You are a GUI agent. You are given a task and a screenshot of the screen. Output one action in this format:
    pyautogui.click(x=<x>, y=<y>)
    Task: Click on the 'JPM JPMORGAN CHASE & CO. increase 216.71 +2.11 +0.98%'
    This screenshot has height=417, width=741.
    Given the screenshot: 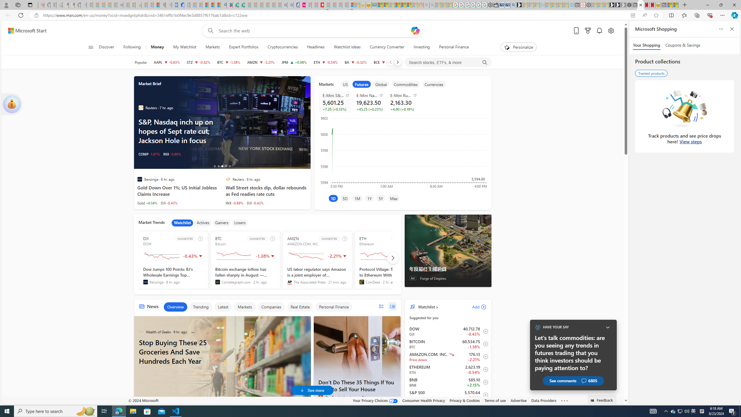 What is the action you would take?
    pyautogui.click(x=294, y=62)
    